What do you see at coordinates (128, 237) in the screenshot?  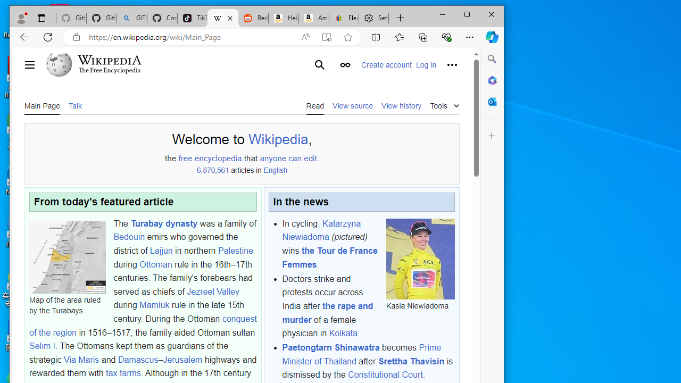 I see `'Bedouin'` at bounding box center [128, 237].